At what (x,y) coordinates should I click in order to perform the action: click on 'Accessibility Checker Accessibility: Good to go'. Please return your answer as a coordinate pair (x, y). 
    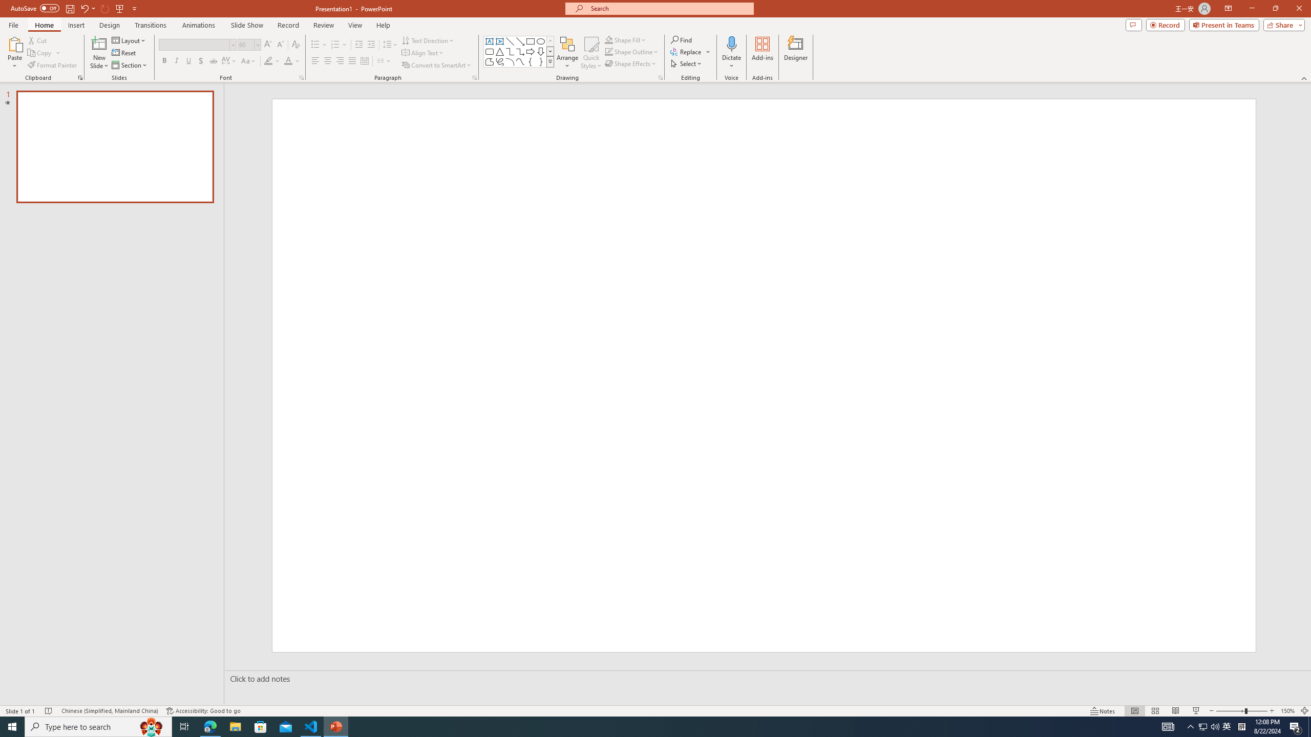
    Looking at the image, I should click on (204, 711).